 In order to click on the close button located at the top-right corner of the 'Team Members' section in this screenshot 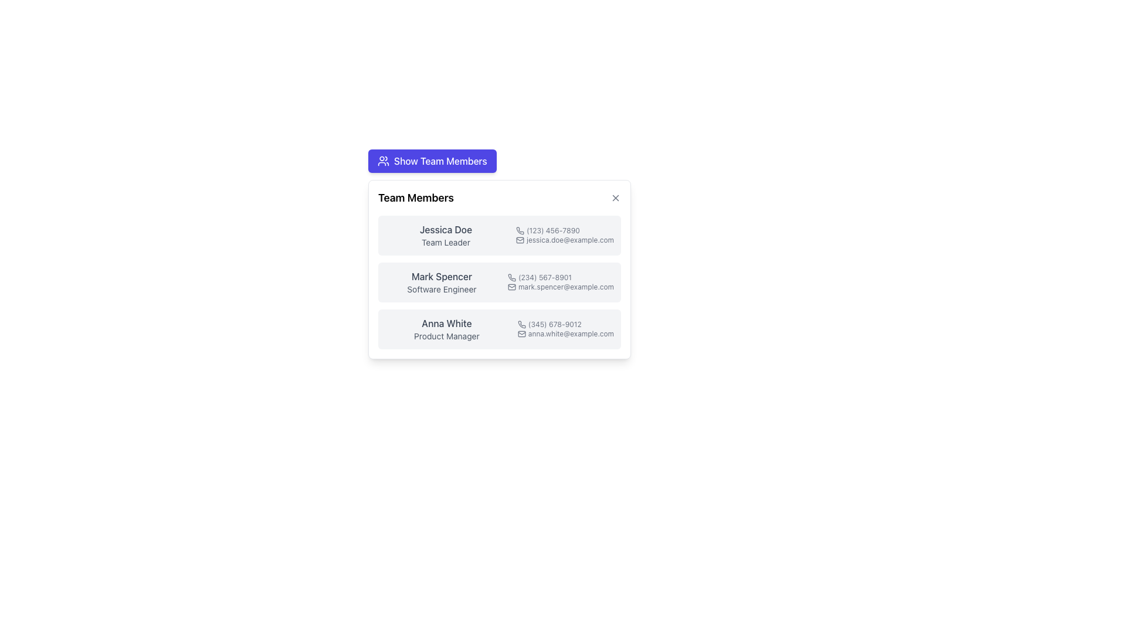, I will do `click(615, 198)`.